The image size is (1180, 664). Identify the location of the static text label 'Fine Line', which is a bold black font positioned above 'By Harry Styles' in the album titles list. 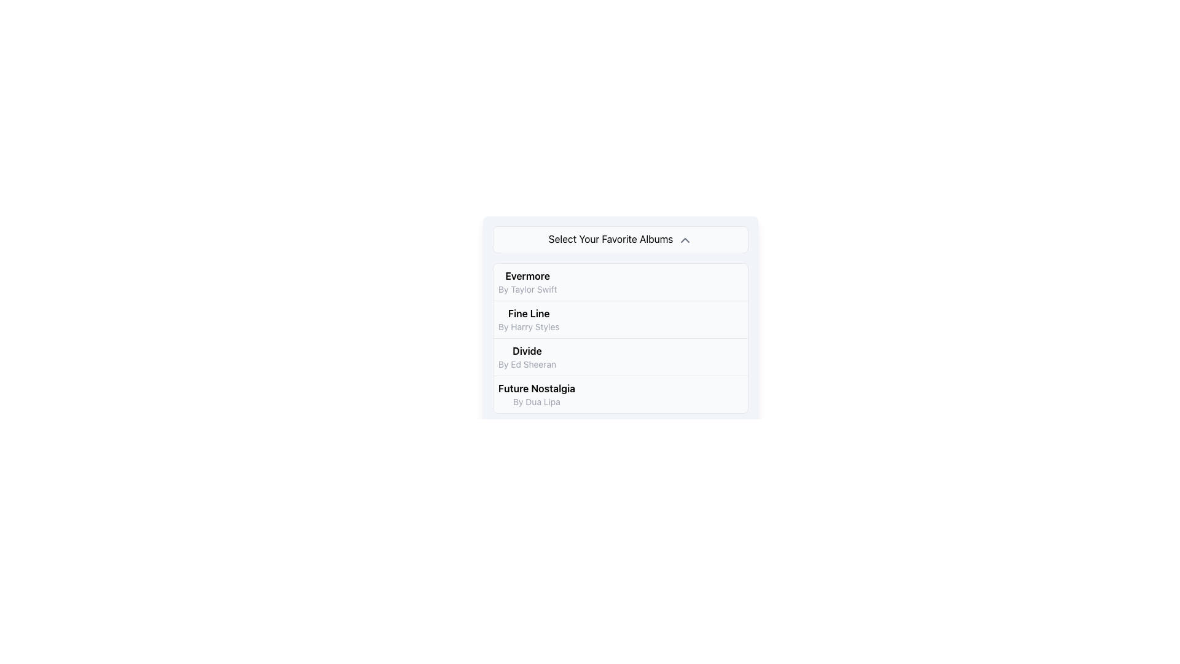
(529, 312).